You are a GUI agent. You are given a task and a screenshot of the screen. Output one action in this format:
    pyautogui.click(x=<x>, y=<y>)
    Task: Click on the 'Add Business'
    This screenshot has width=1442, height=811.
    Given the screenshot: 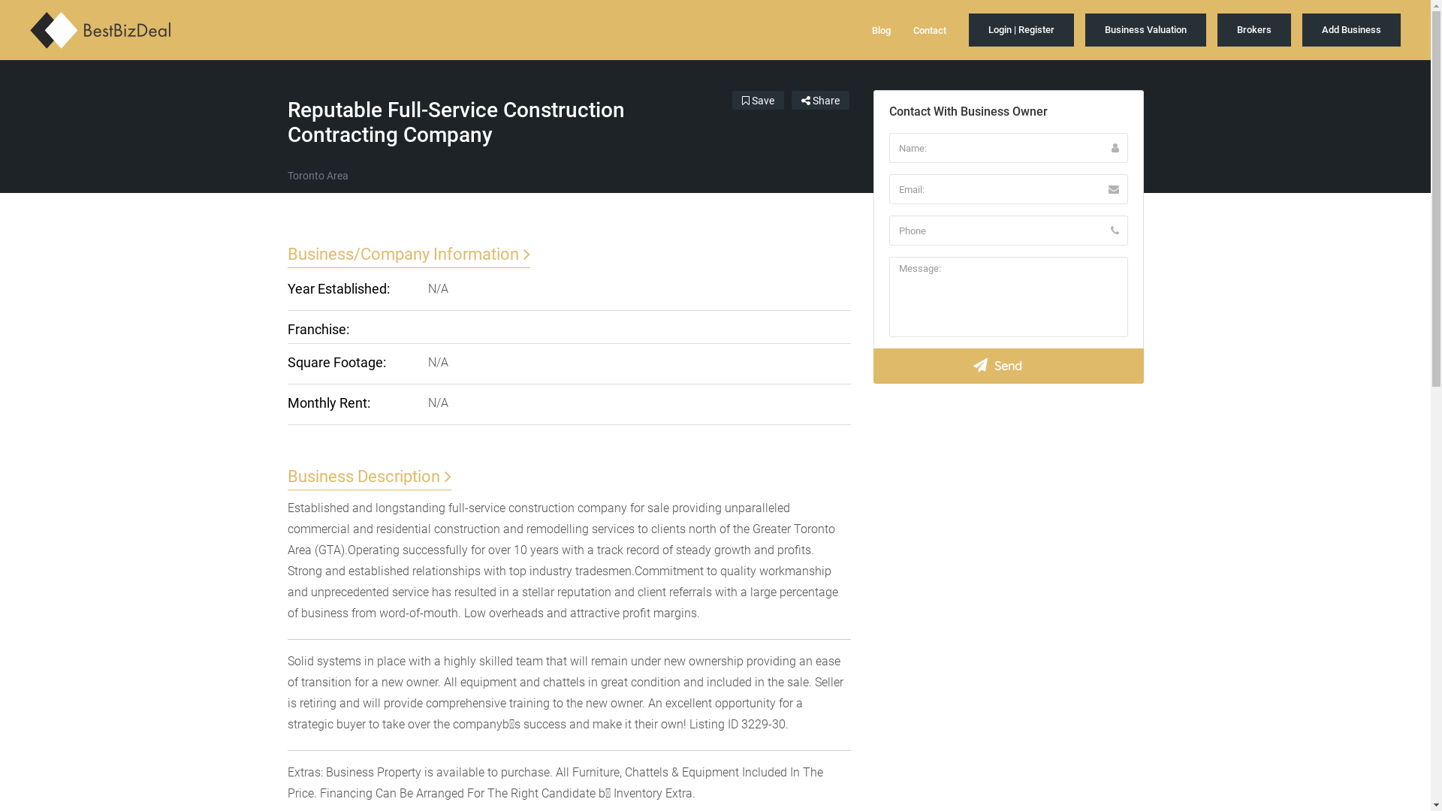 What is the action you would take?
    pyautogui.click(x=1351, y=29)
    